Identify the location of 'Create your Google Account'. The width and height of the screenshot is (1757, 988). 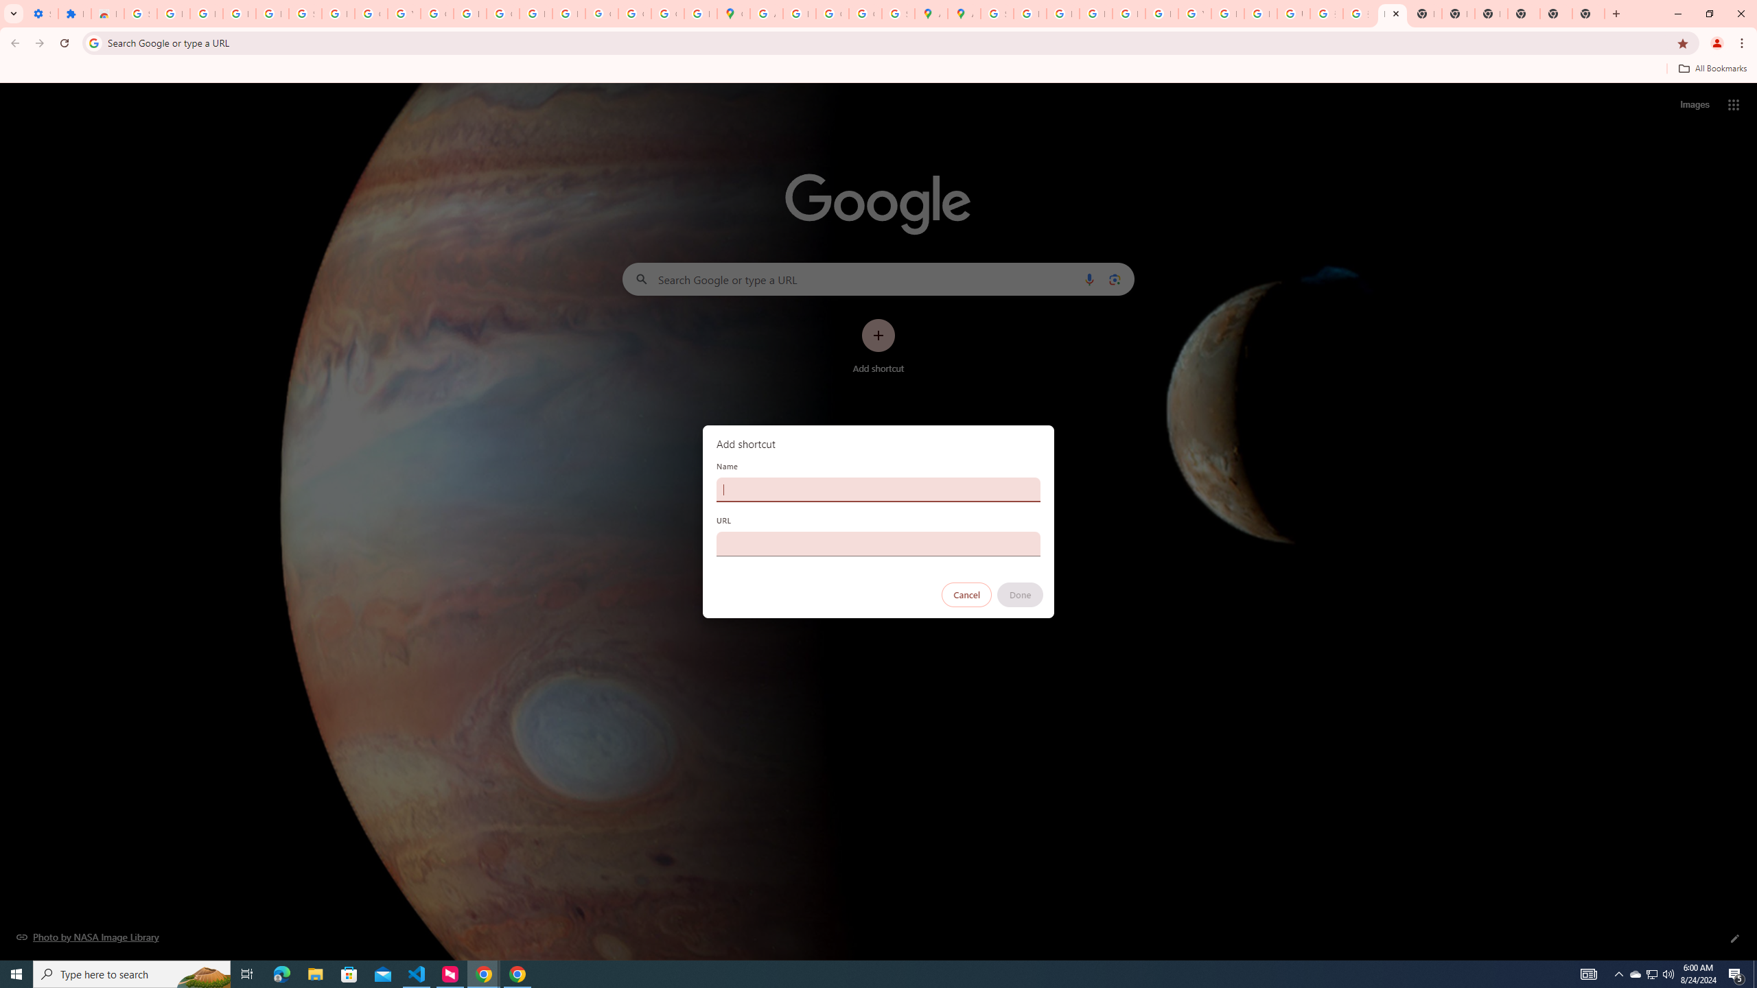
(832, 13).